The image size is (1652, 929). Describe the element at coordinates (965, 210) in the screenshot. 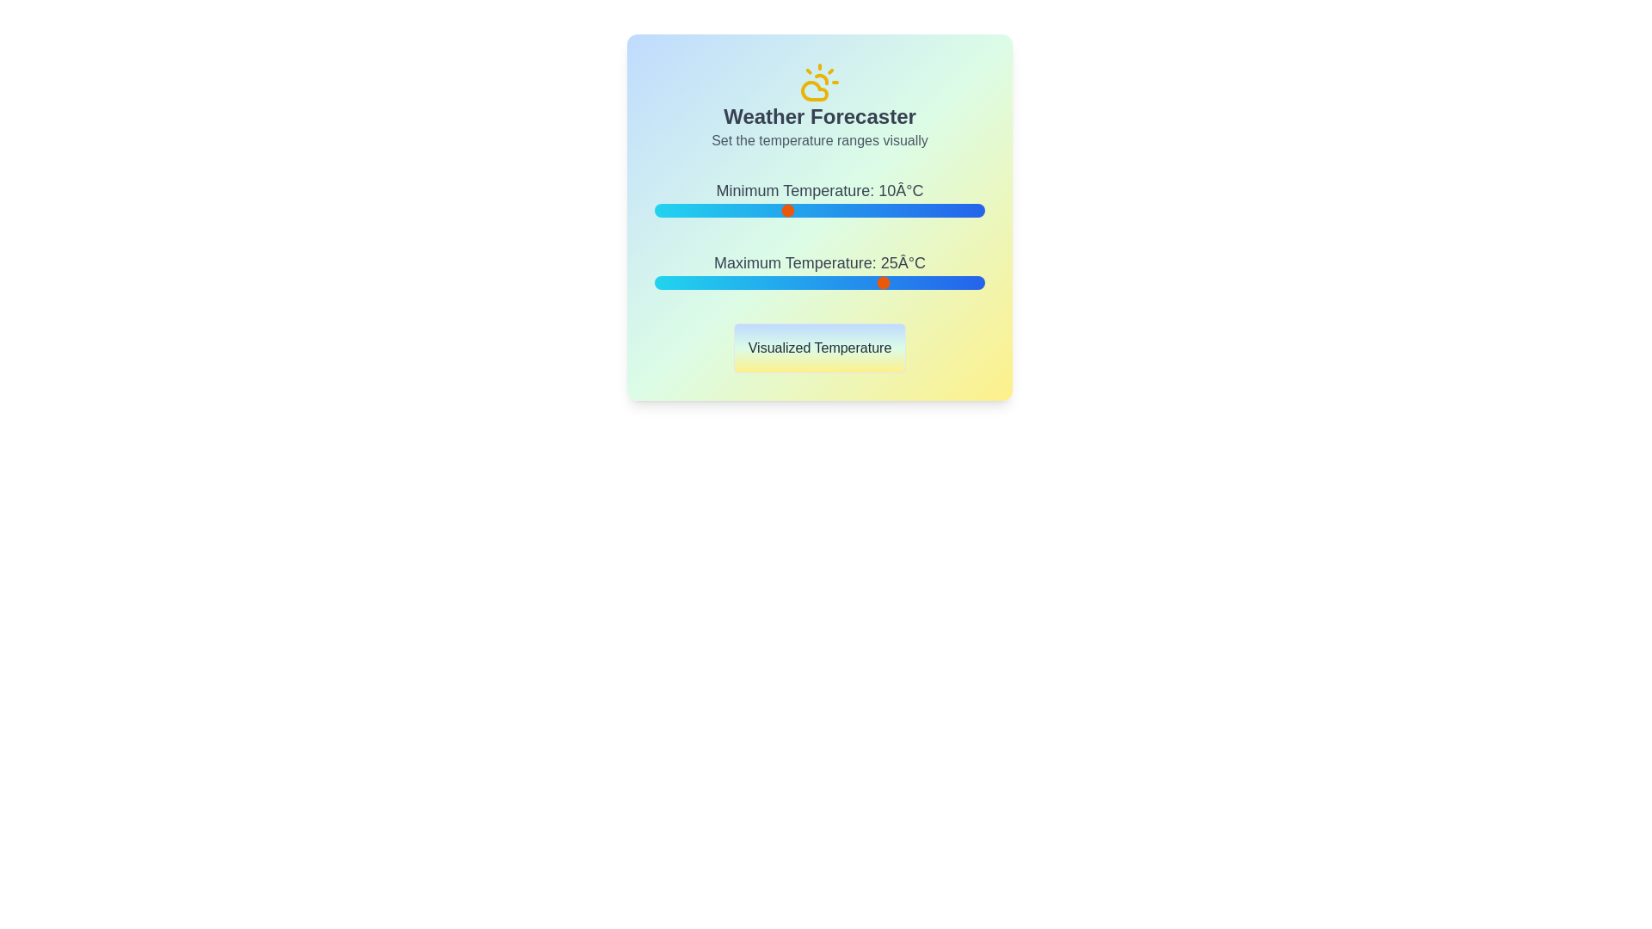

I see `the minimum temperature slider to 37°C` at that location.